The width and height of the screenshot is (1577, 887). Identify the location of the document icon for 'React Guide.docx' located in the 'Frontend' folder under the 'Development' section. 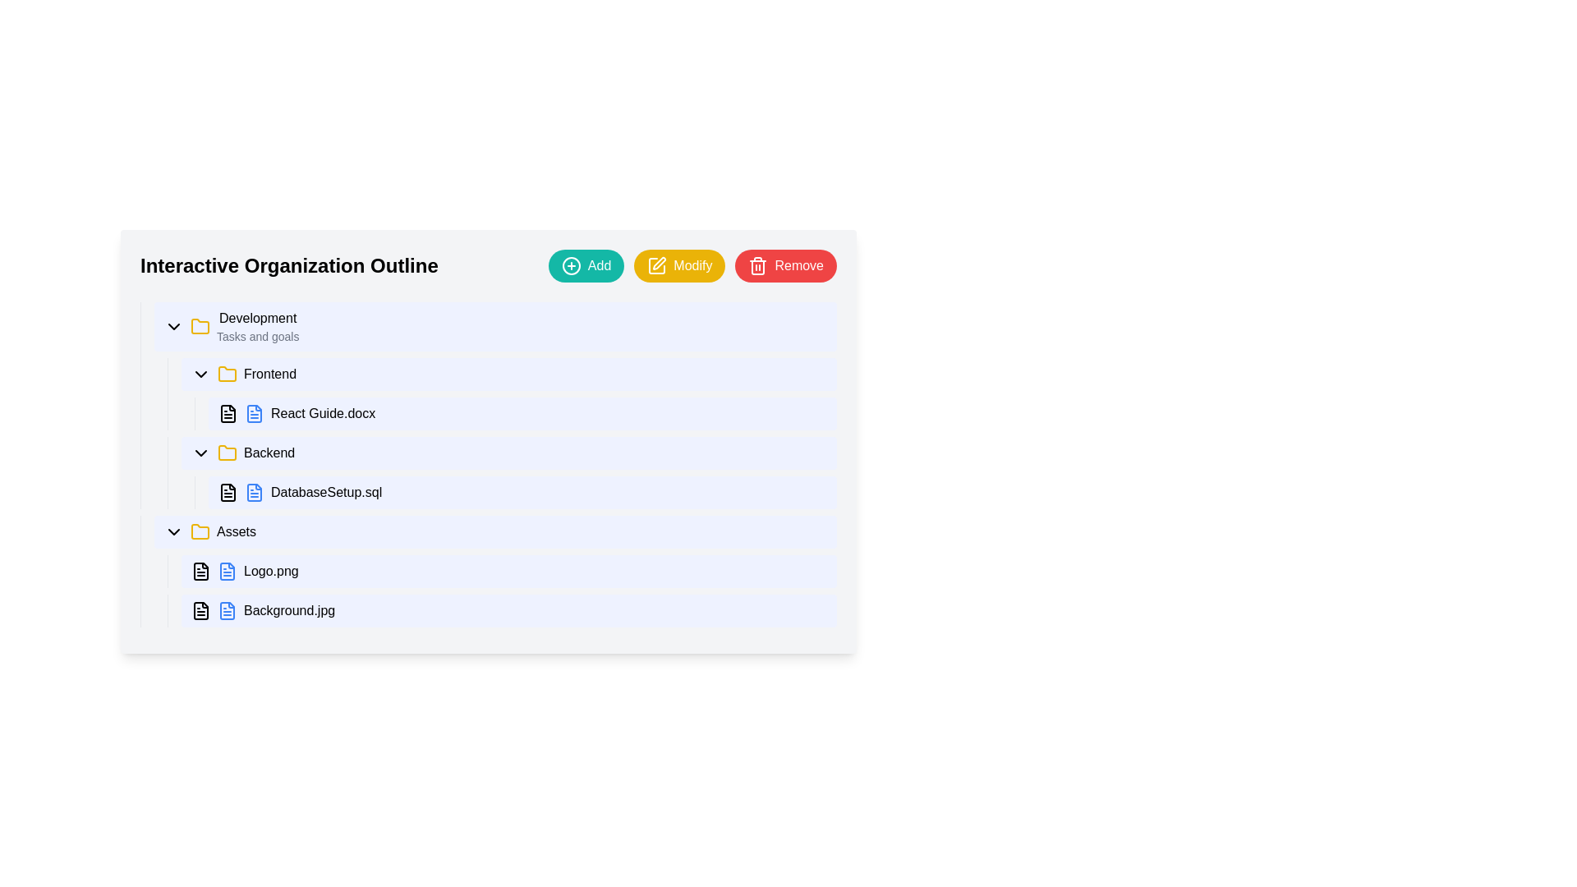
(254, 413).